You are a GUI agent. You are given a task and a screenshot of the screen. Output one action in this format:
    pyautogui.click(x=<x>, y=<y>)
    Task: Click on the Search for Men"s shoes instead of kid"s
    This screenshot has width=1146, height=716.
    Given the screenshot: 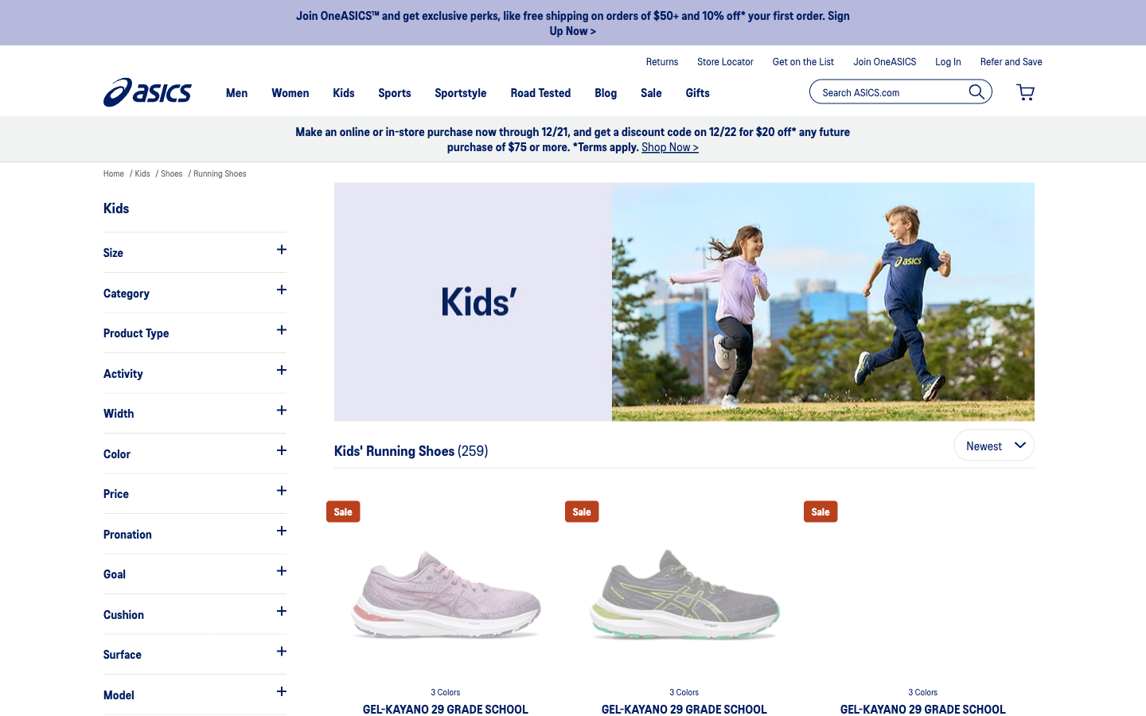 What is the action you would take?
    pyautogui.click(x=236, y=92)
    